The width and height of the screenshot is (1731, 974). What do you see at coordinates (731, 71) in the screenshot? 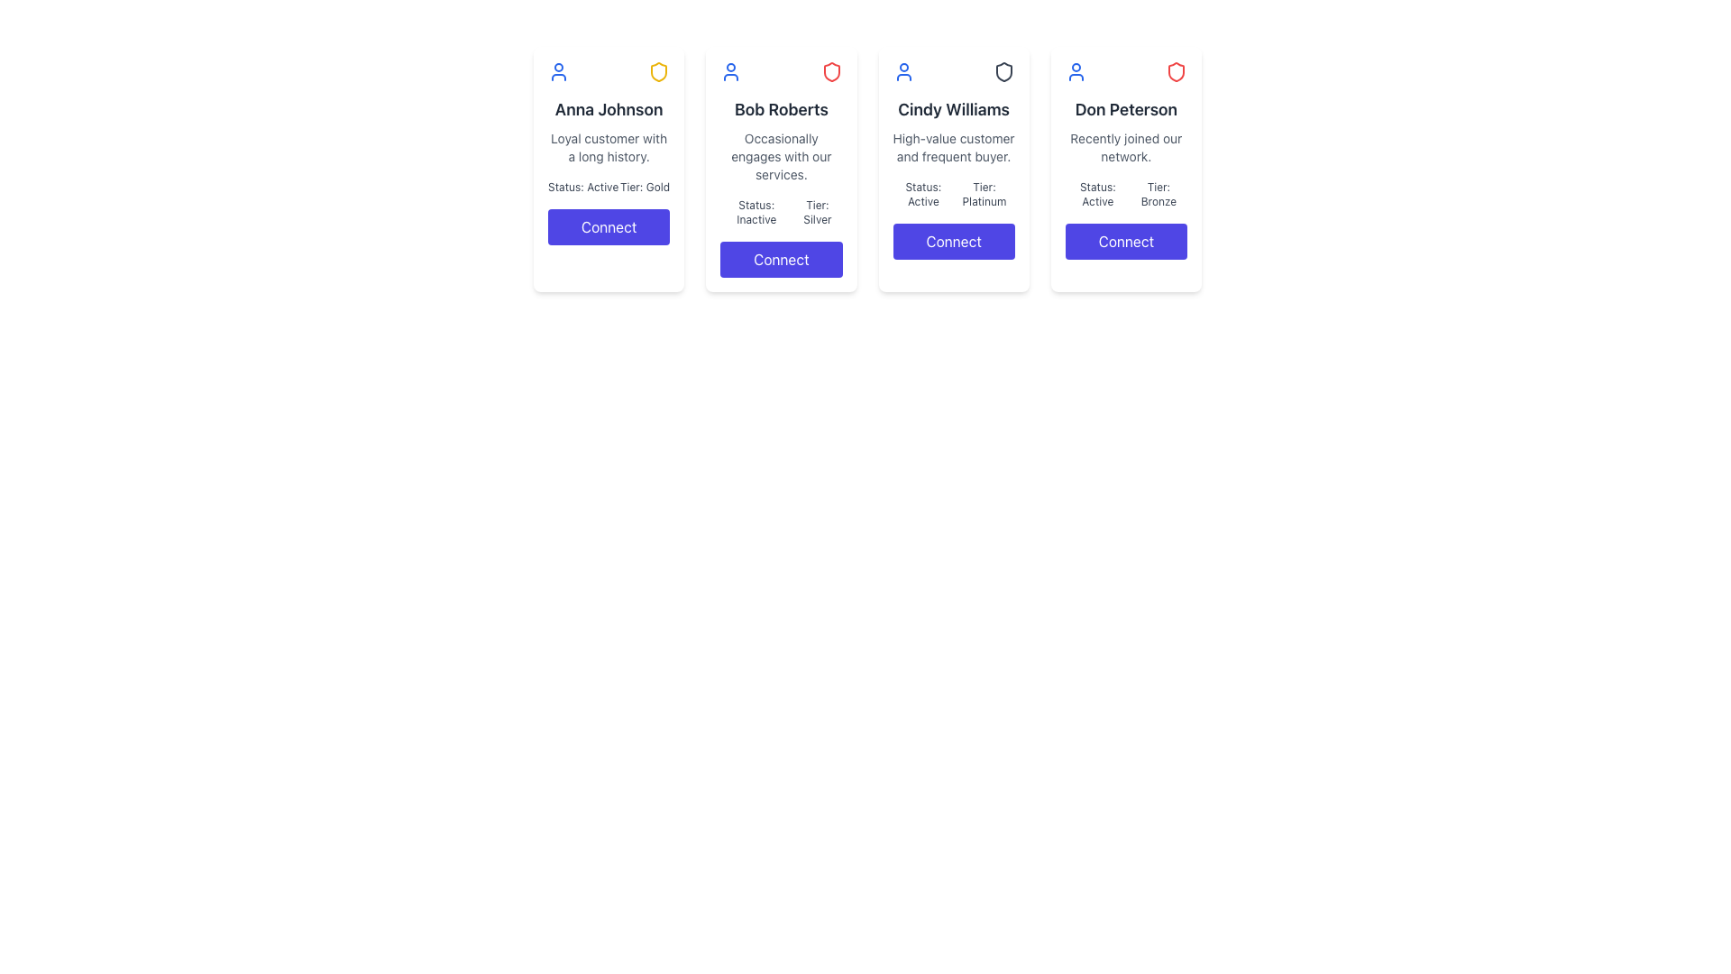
I see `the profile icon for Bob Roberts, which is the first icon on the second card in the series of horizontally arranged cards` at bounding box center [731, 71].